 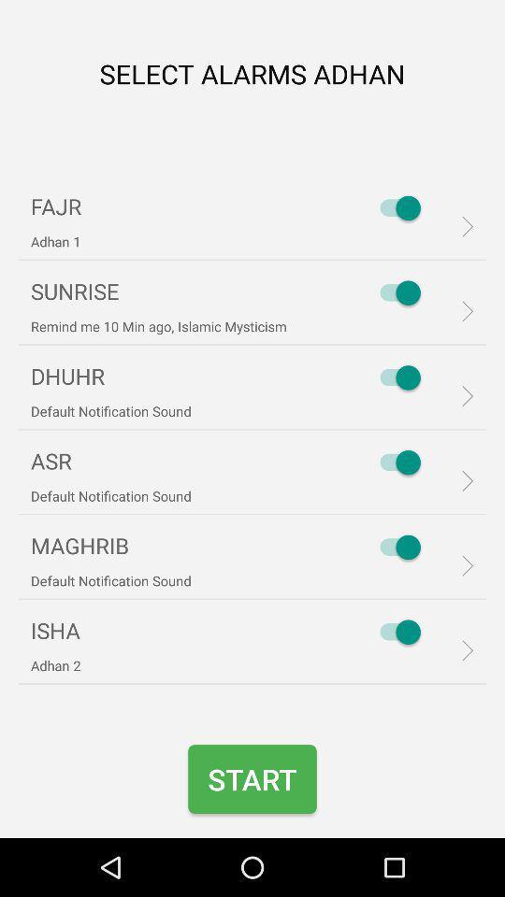 I want to click on start icon, so click(x=252, y=779).